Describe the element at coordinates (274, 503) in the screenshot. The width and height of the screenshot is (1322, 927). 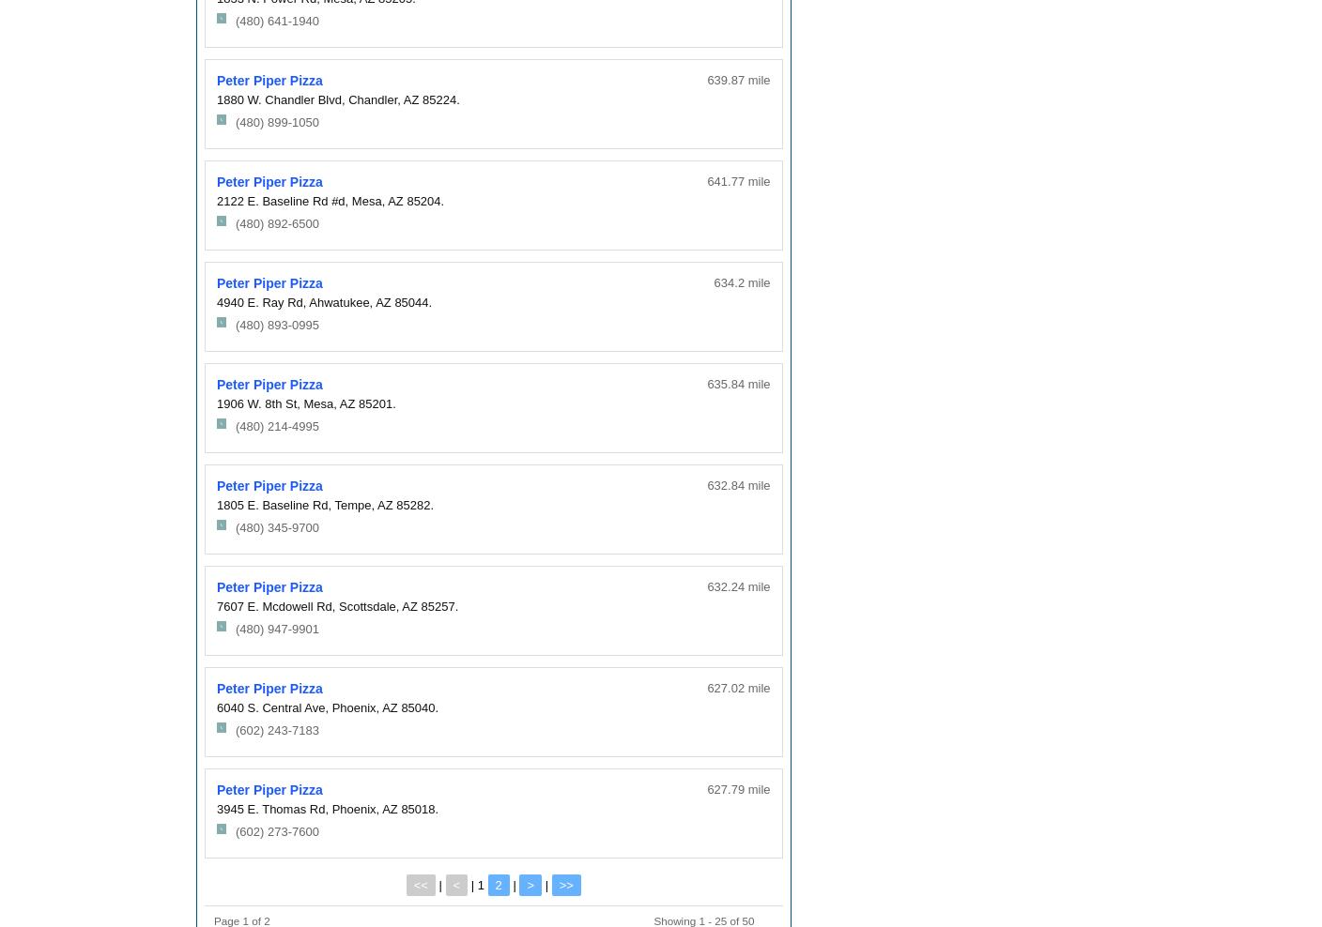
I see `'1805 E. Baseline Rd,'` at that location.